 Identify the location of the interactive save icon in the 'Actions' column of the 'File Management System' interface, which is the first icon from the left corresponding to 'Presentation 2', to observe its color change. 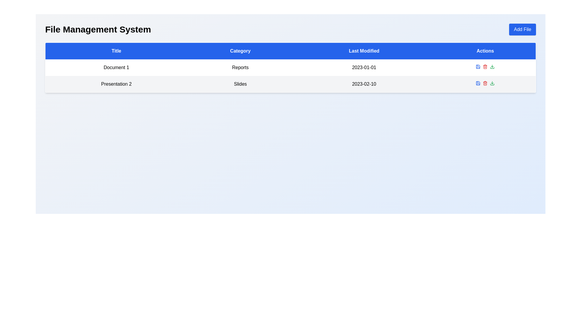
(478, 66).